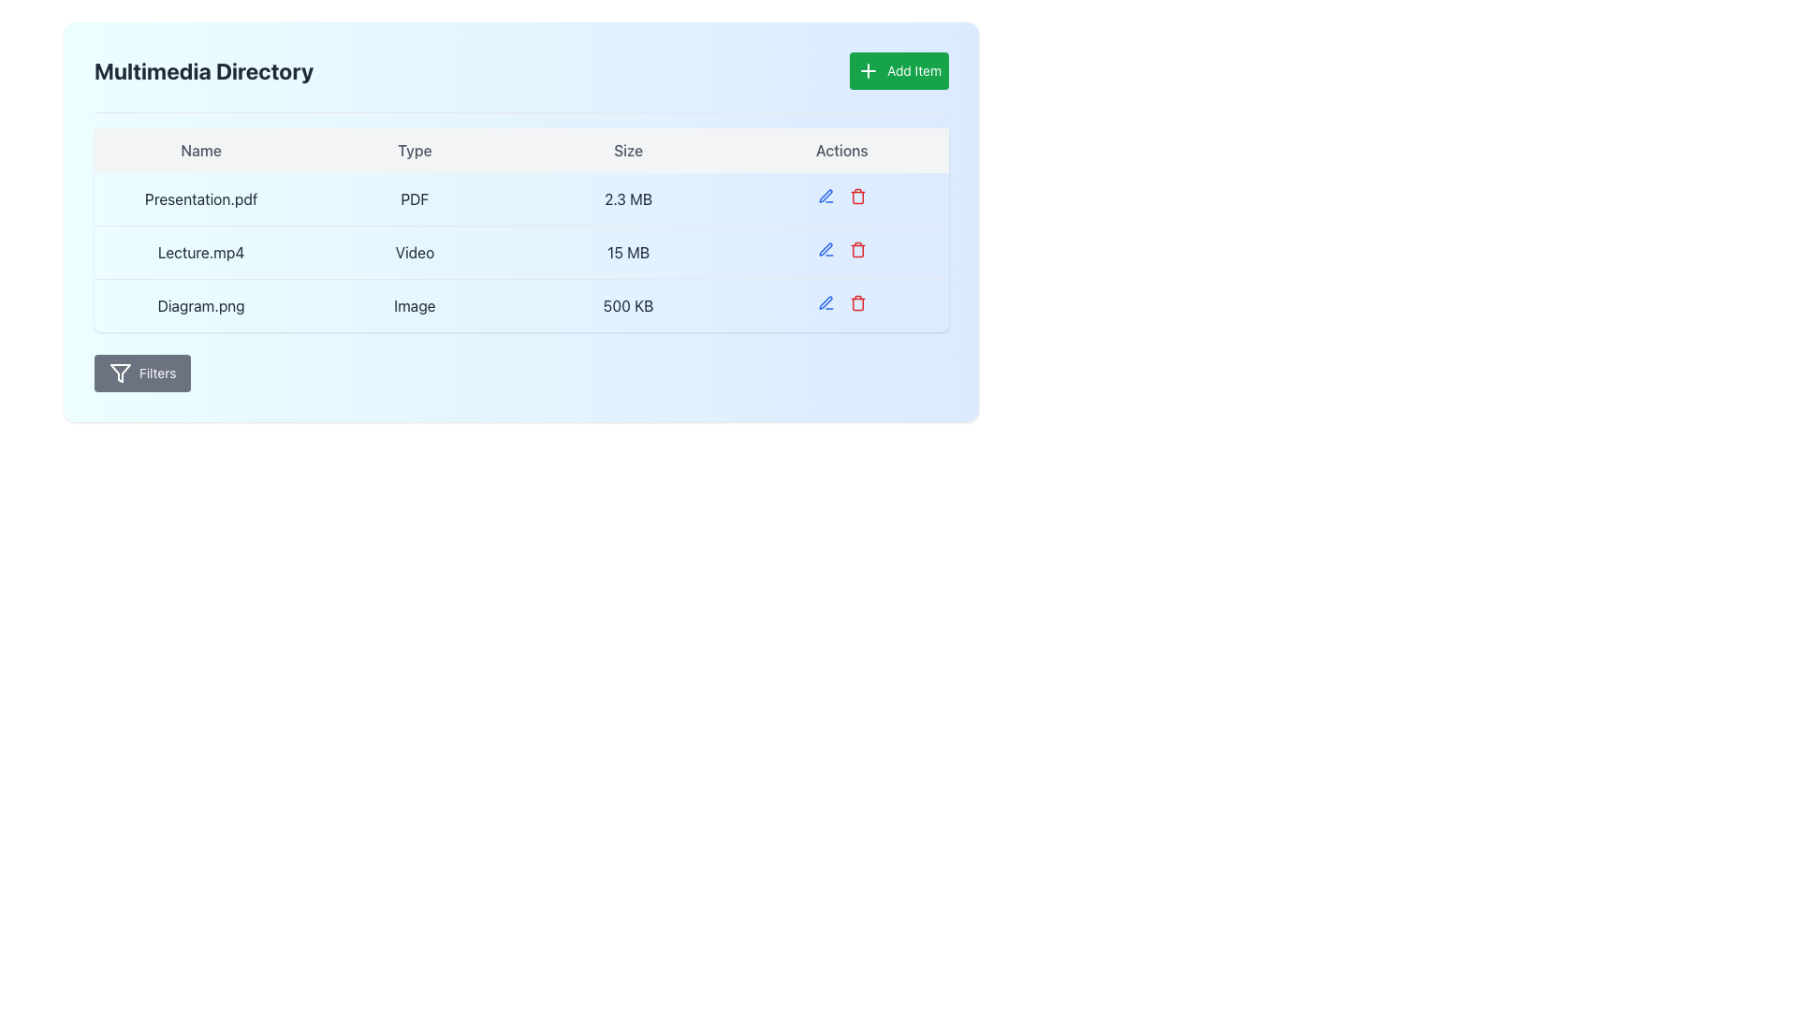  I want to click on the text content of the element displaying '2.3 MB' in the 'Size' column of the table layout, so click(628, 199).